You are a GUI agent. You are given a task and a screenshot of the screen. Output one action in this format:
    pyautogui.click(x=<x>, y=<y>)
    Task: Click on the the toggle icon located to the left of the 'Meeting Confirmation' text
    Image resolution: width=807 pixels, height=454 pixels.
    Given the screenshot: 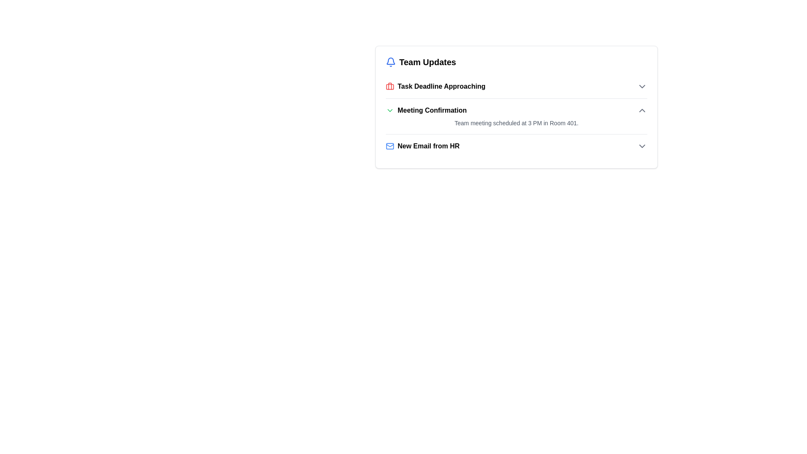 What is the action you would take?
    pyautogui.click(x=389, y=110)
    